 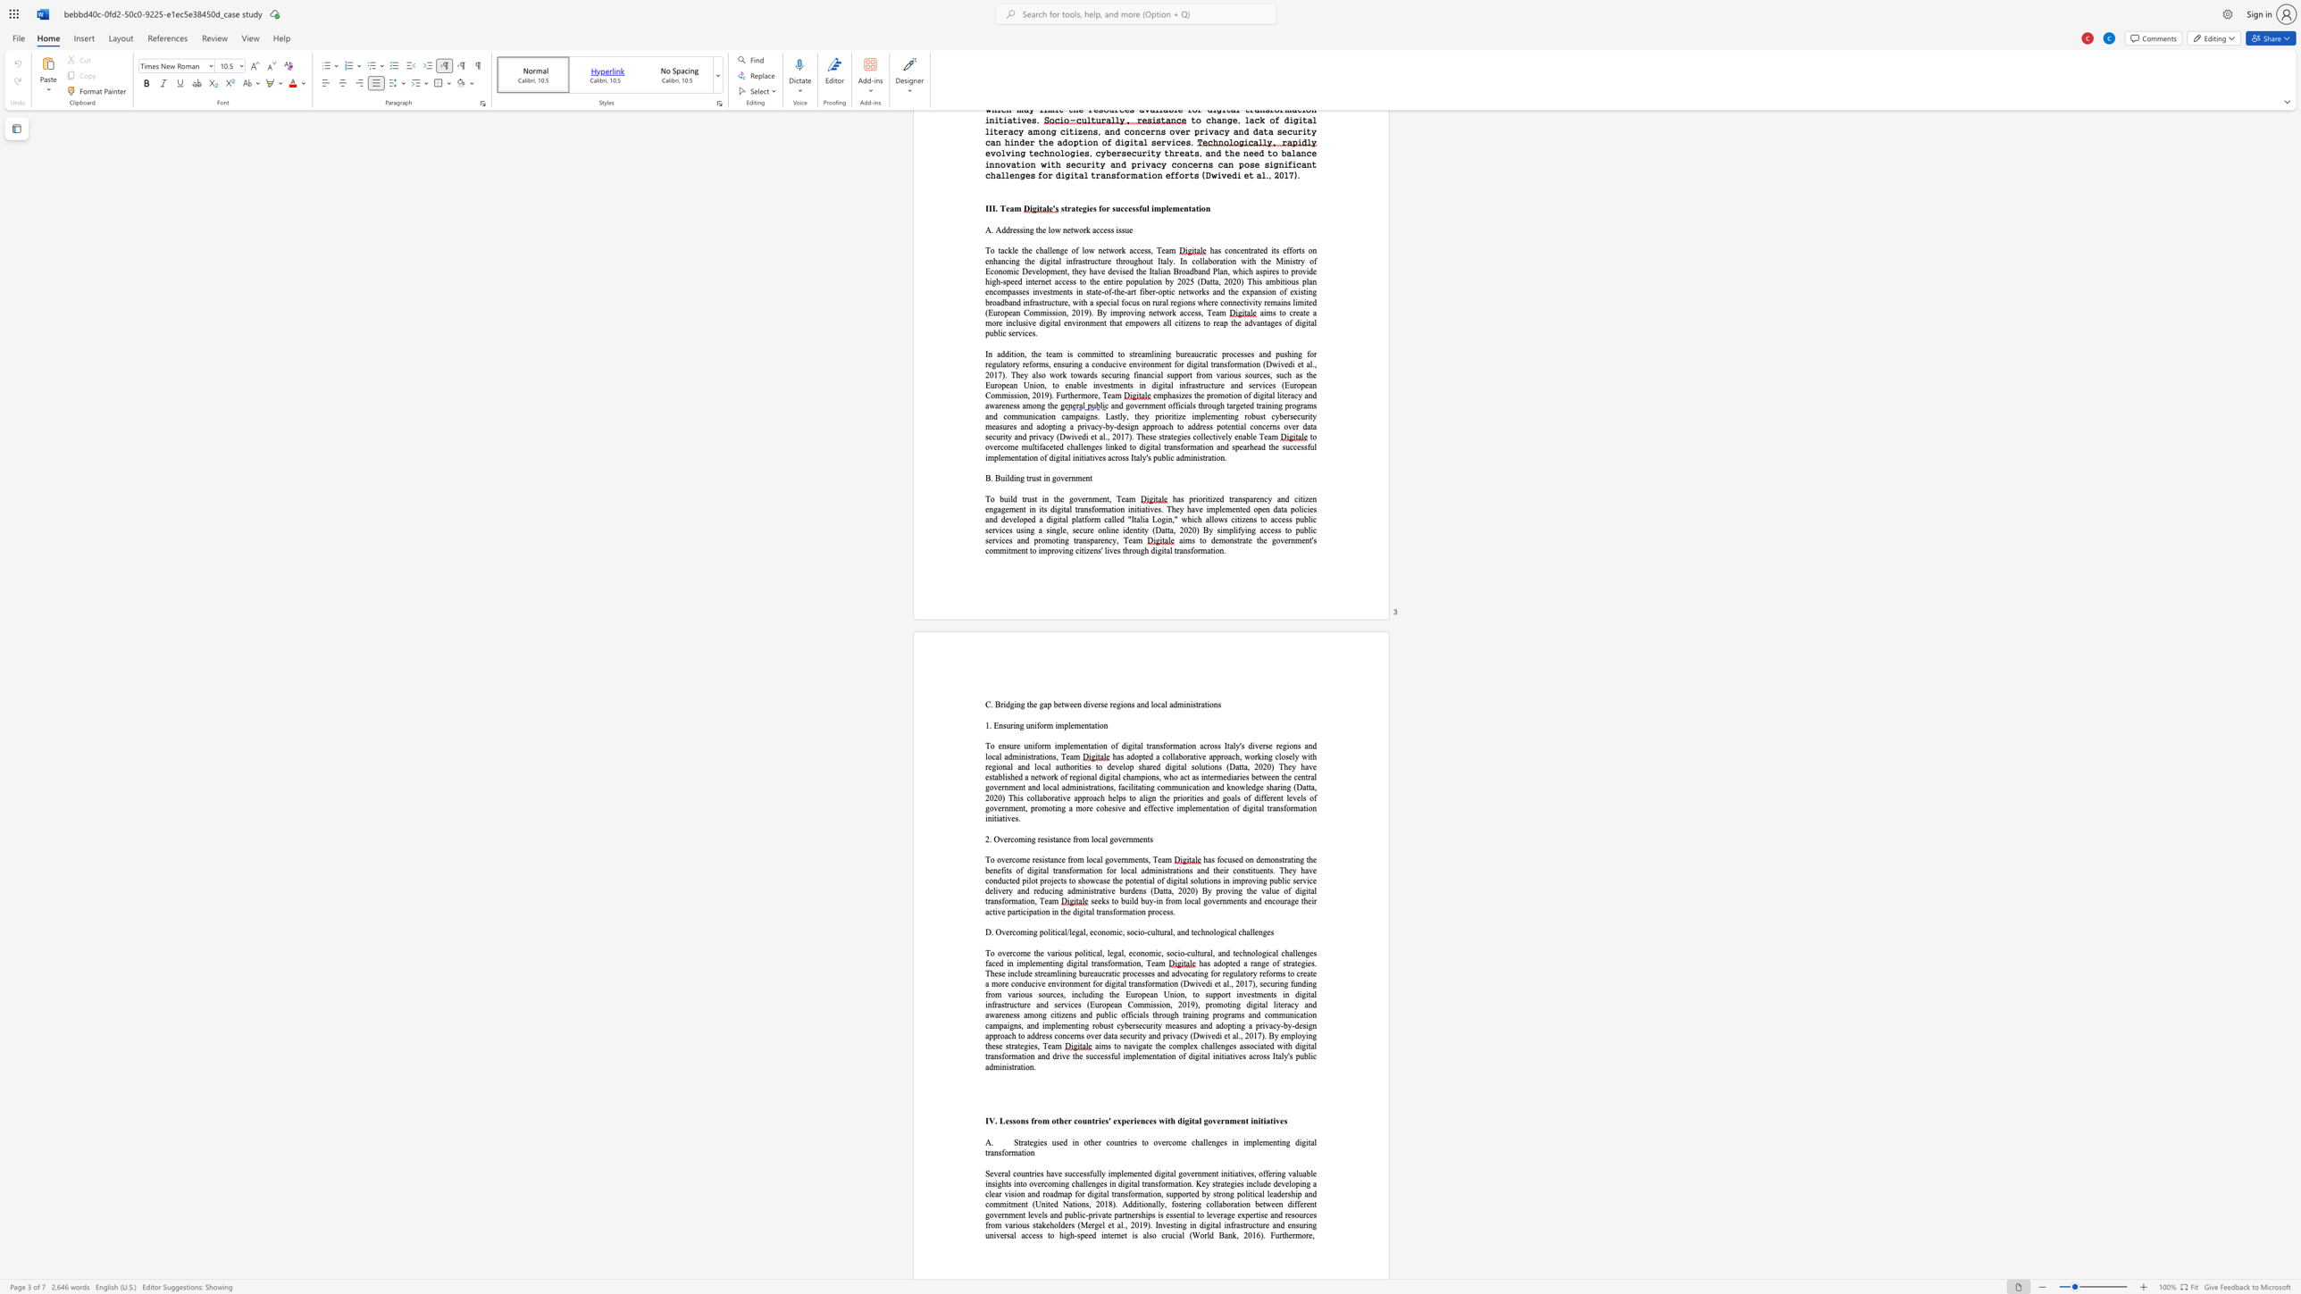 I want to click on the 8th character "n" in the text, so click(x=1032, y=1151).